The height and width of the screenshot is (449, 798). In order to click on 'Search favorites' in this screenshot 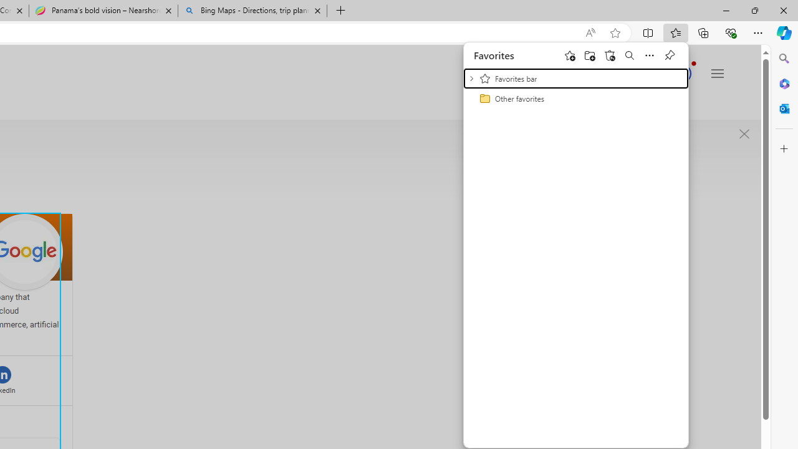, I will do `click(629, 54)`.